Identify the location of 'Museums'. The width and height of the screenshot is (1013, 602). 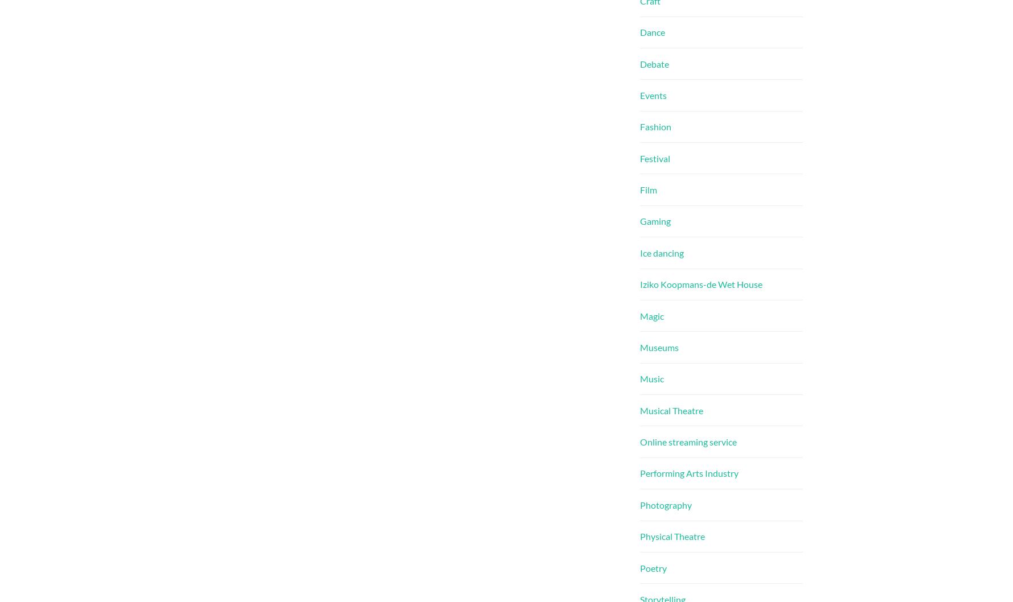
(659, 347).